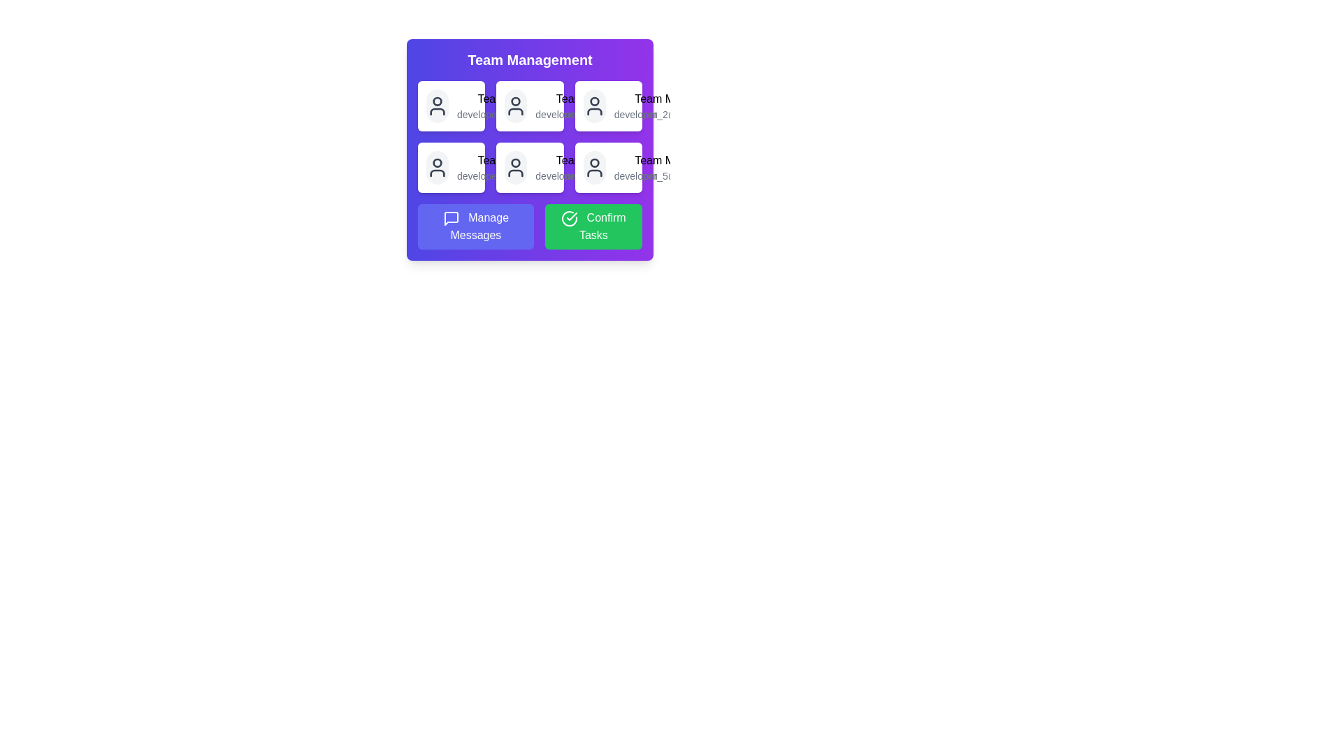  Describe the element at coordinates (436, 161) in the screenshot. I see `the graphical representation of the user indicator located in the top center of the 'lucide-user' icon, which is in the second column of the grid under 'Team Management'` at that location.